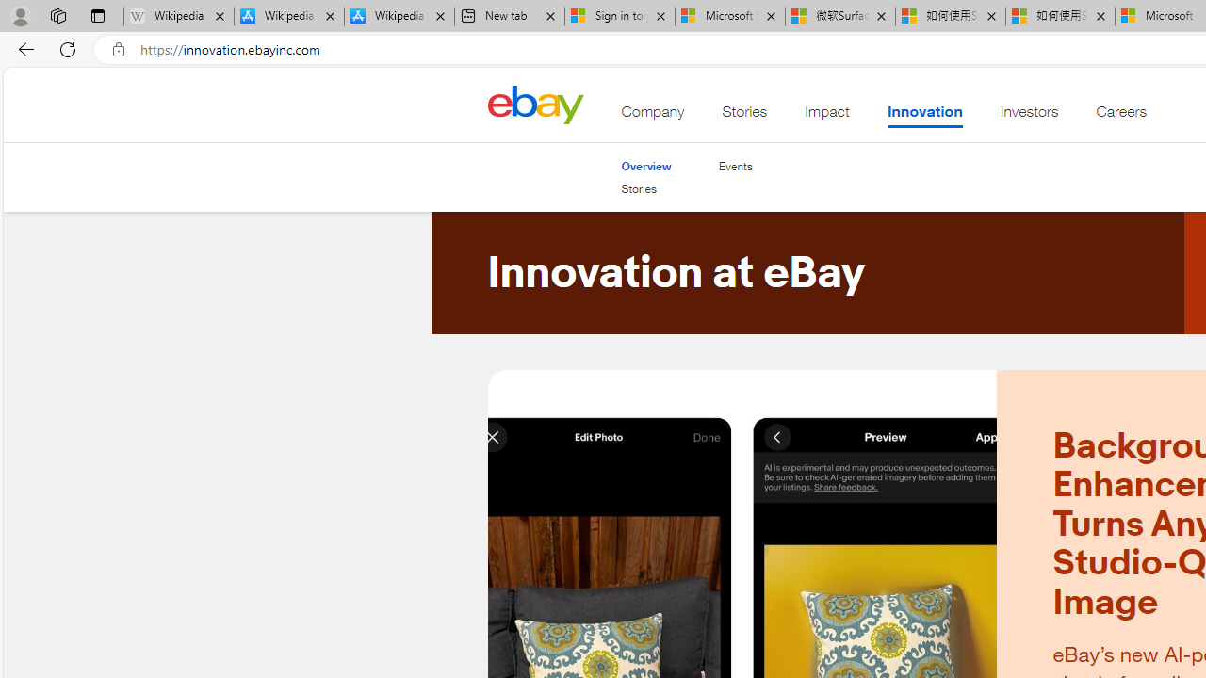  What do you see at coordinates (646, 165) in the screenshot?
I see `'Overview'` at bounding box center [646, 165].